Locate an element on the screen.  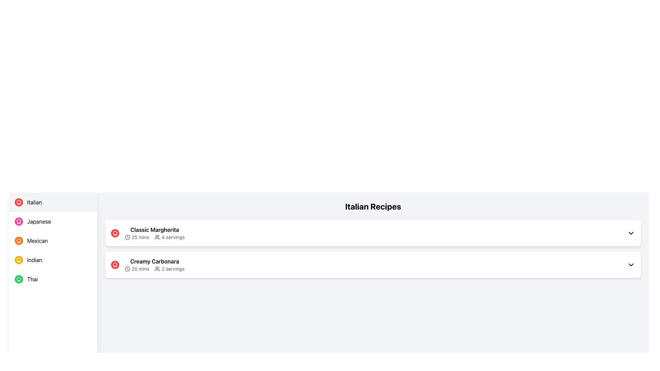
the cooking-related icon representing the 'Classic Margherita' dish, which is located in the top-left section of its tile, adjacent to the title and details is located at coordinates (115, 233).